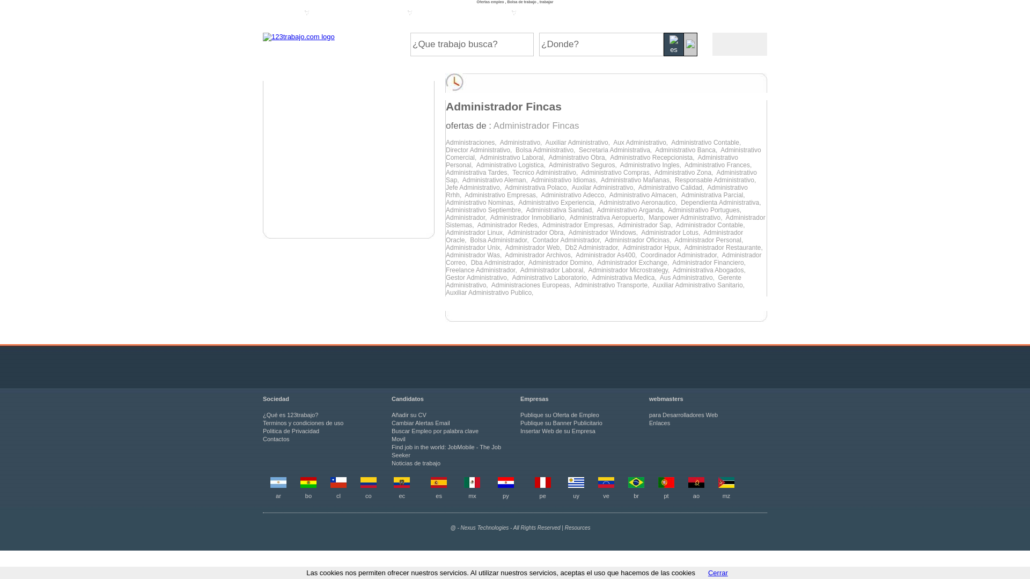  I want to click on 'Coordinador Administrador, ', so click(680, 255).